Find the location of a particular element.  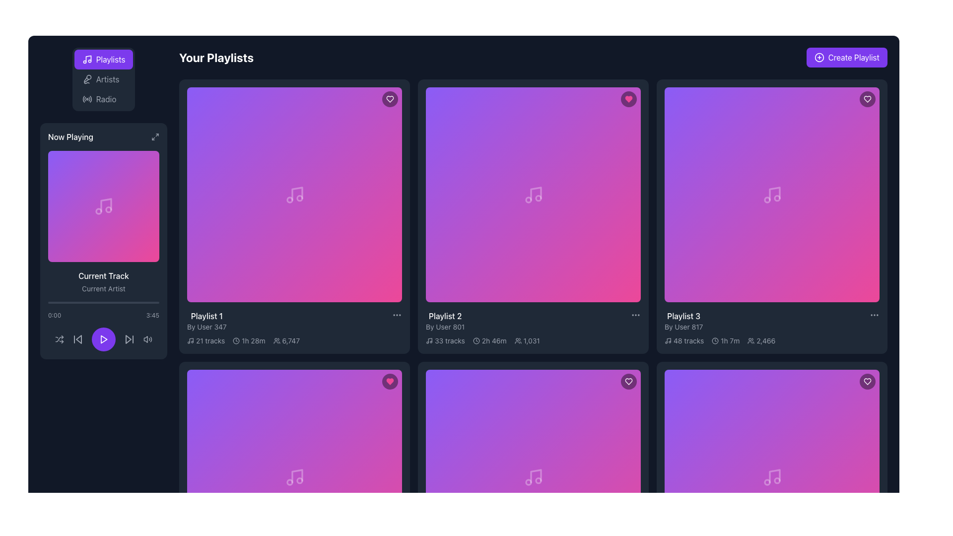

the music-related icon located at the center of the bottom-right card in the grid layout is located at coordinates (771, 476).